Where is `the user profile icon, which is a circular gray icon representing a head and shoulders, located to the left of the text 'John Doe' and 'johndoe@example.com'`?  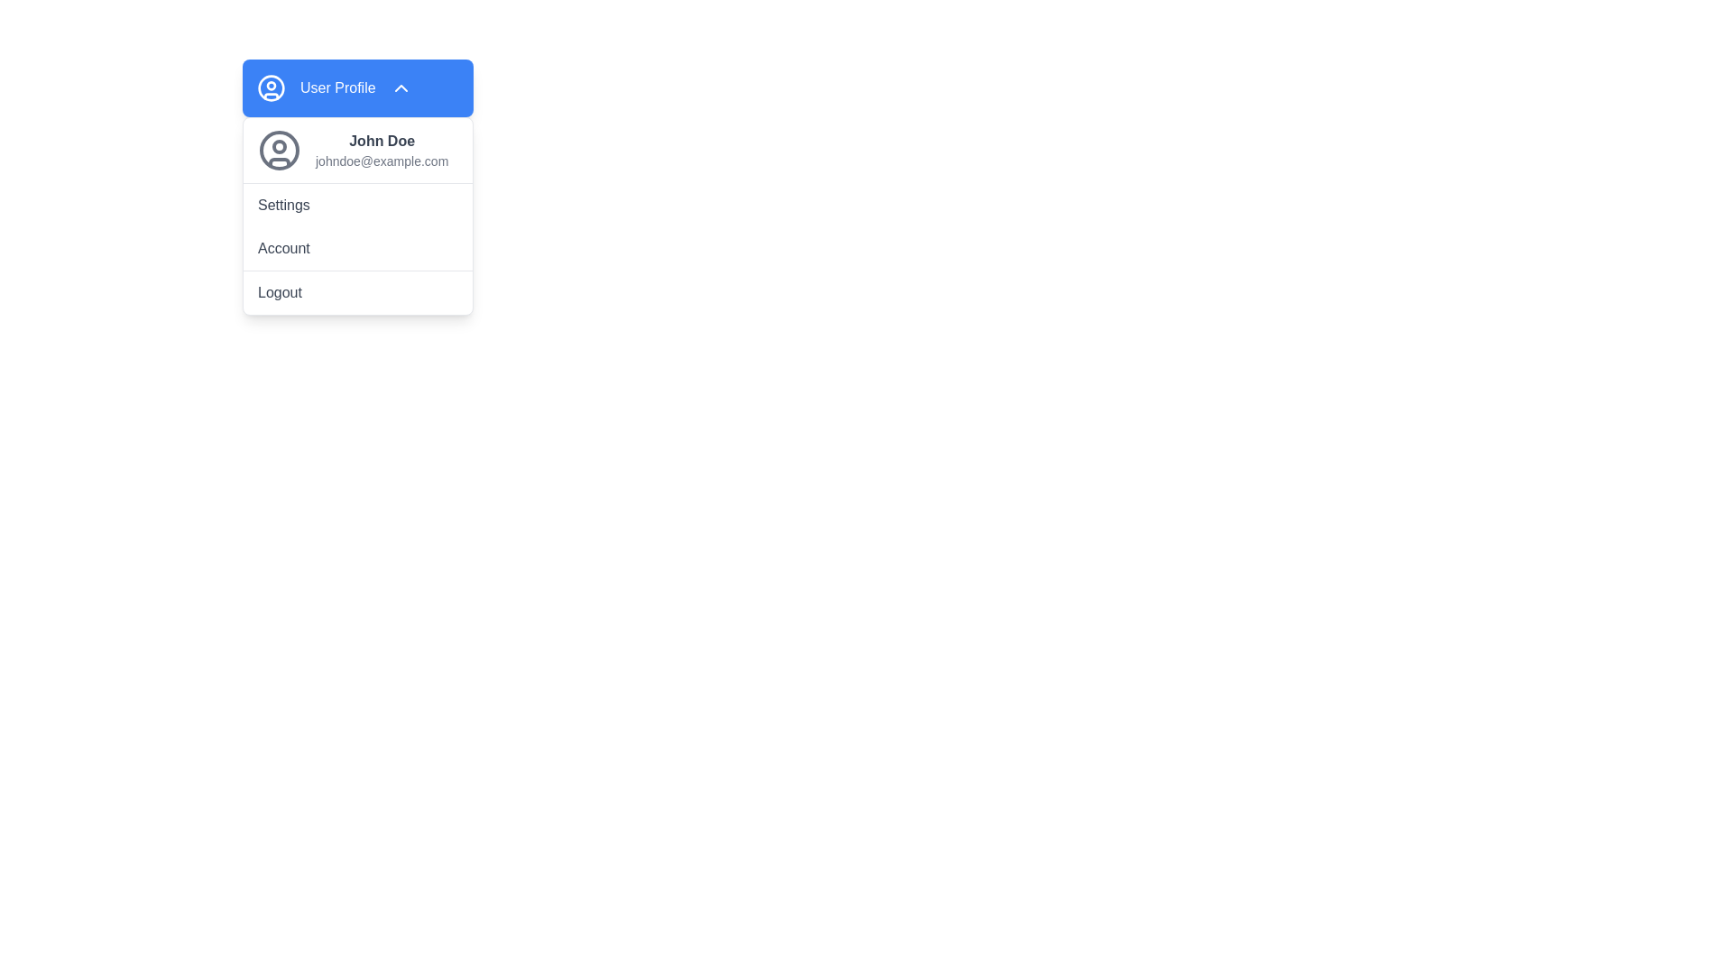 the user profile icon, which is a circular gray icon representing a head and shoulders, located to the left of the text 'John Doe' and 'johndoe@example.com' is located at coordinates (279, 149).